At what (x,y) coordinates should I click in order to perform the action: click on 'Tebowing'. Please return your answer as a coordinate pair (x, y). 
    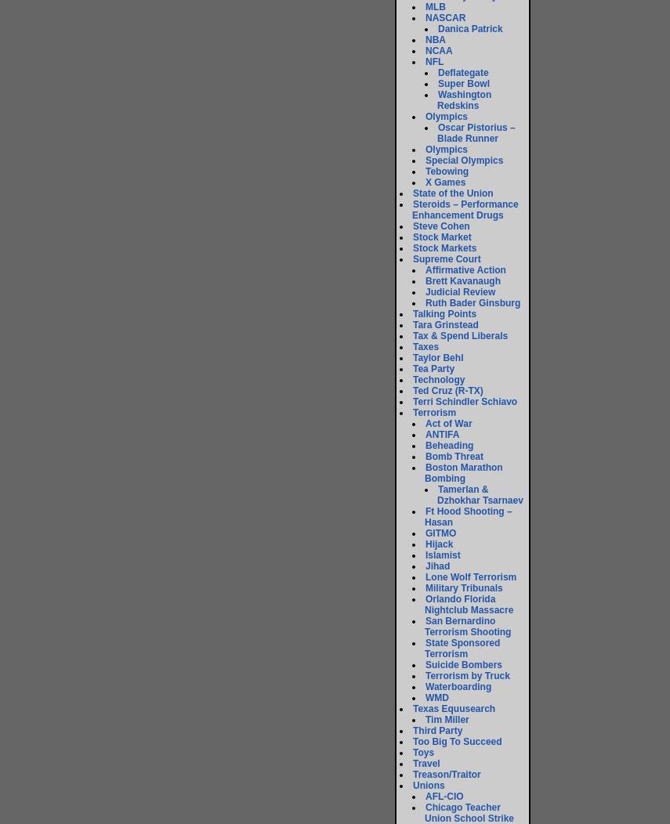
    Looking at the image, I should click on (446, 172).